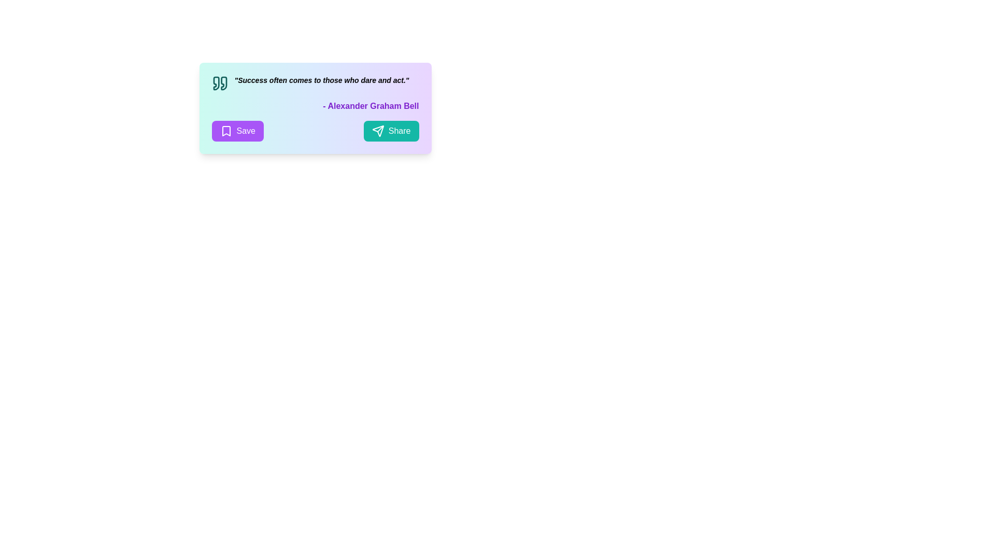  Describe the element at coordinates (377, 131) in the screenshot. I see `the paper airplane icon within the 'Share' button located on the right-hand side of the UI card` at that location.